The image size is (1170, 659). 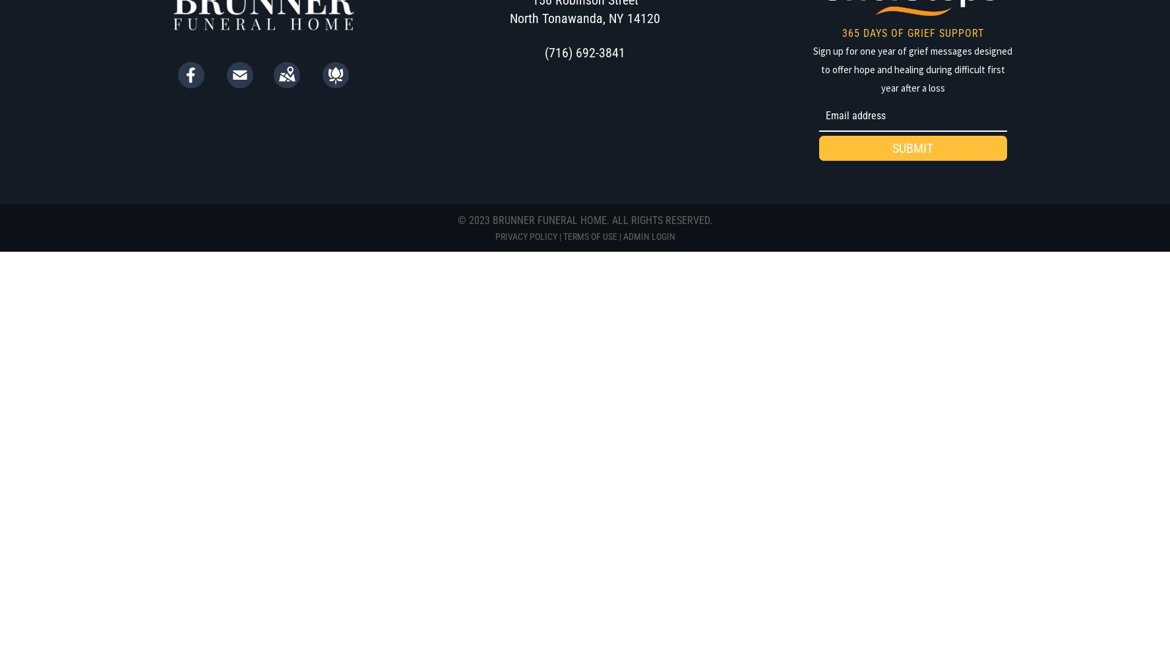 I want to click on 'Brunner Funeral Home. ALL RIGHTS RESERVED.', so click(x=600, y=219).